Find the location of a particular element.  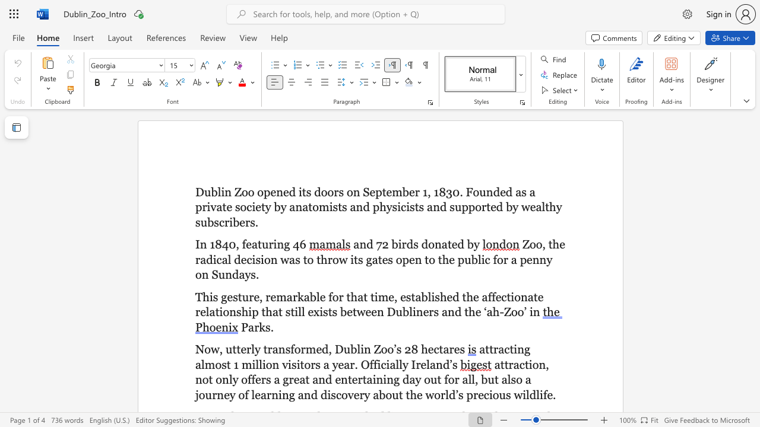

the subset text "te" within the text "and 72 birds donated by" is located at coordinates (446, 244).